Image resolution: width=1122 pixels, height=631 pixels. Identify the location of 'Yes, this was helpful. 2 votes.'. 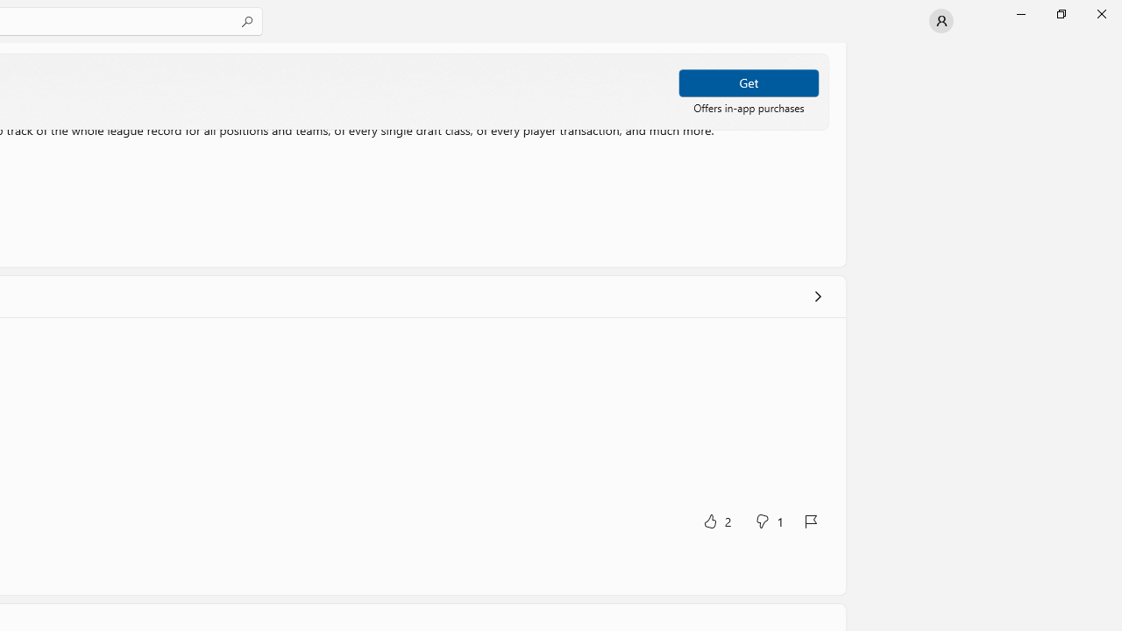
(716, 520).